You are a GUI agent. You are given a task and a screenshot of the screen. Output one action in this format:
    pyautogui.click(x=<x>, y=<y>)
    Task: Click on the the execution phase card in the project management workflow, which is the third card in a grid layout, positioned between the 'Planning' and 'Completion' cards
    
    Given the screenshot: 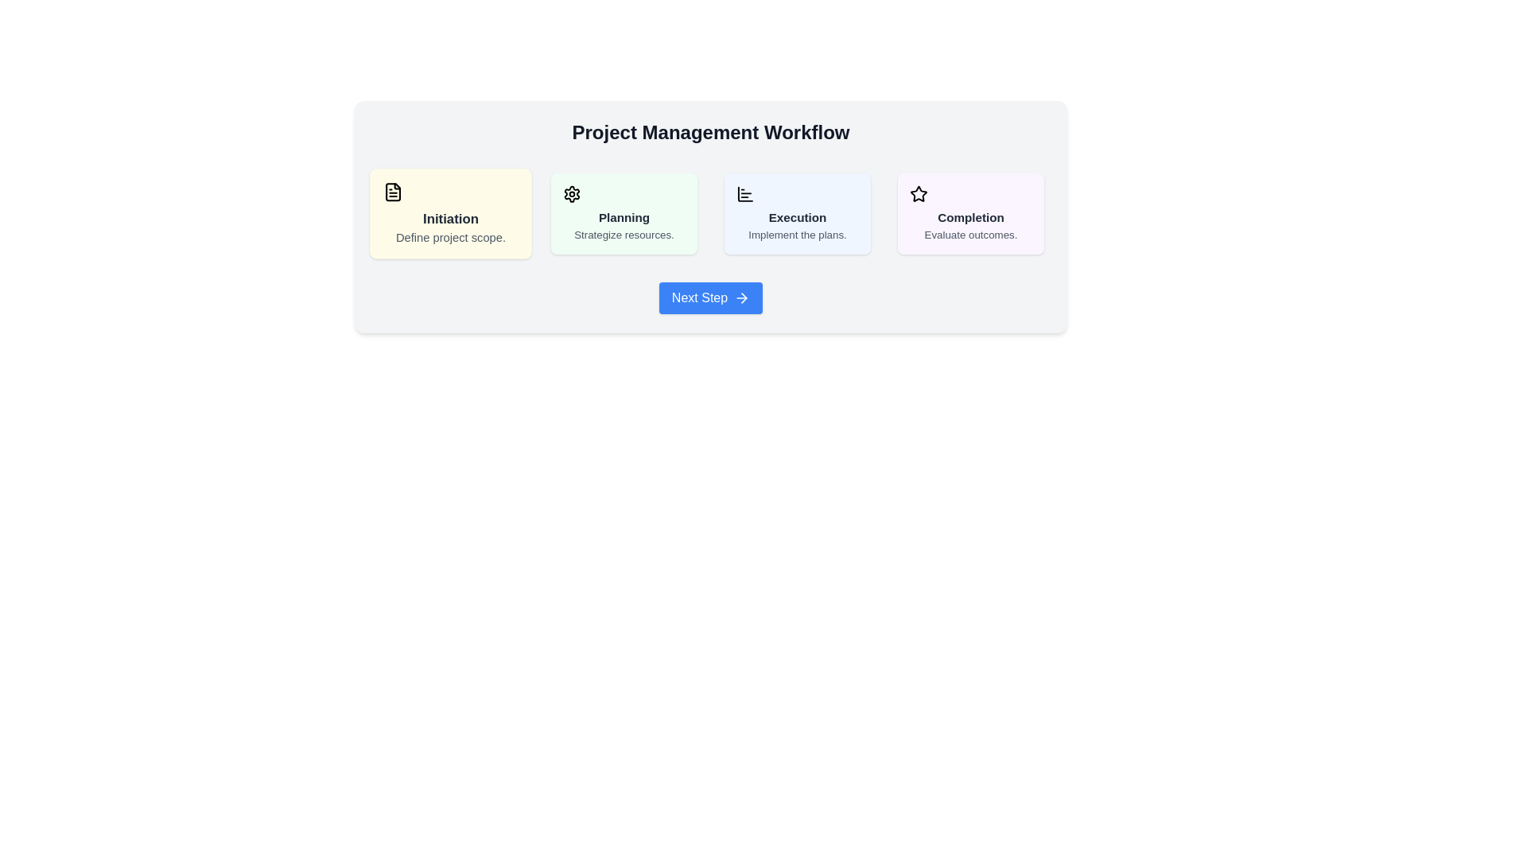 What is the action you would take?
    pyautogui.click(x=798, y=212)
    